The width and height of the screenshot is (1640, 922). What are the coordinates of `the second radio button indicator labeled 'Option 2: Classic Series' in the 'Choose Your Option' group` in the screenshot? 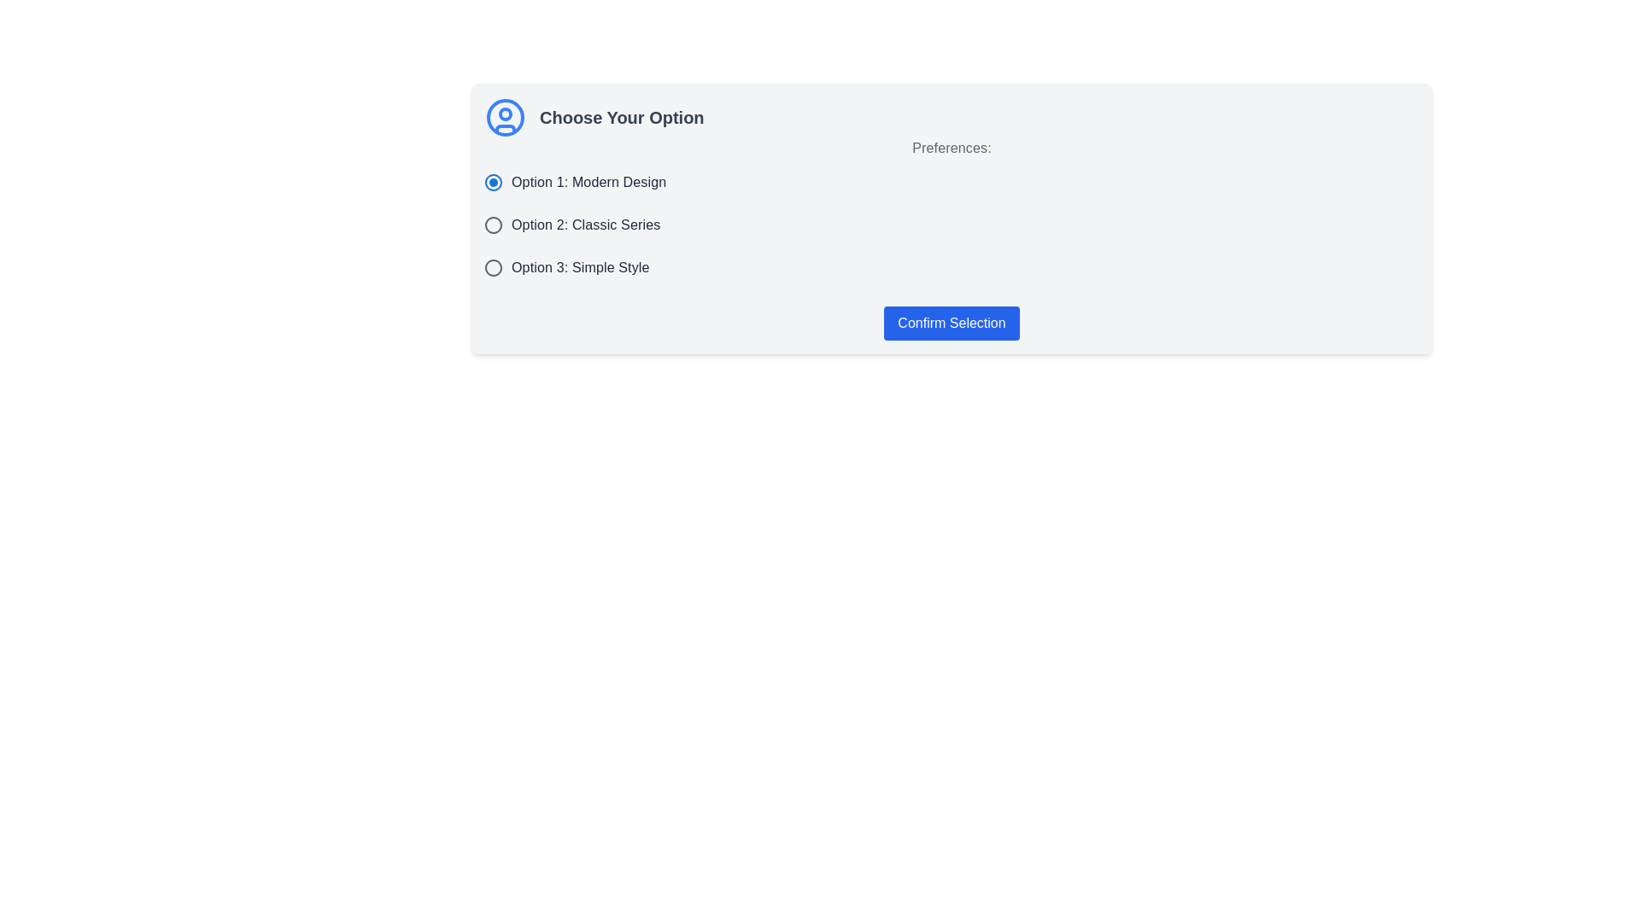 It's located at (492, 224).